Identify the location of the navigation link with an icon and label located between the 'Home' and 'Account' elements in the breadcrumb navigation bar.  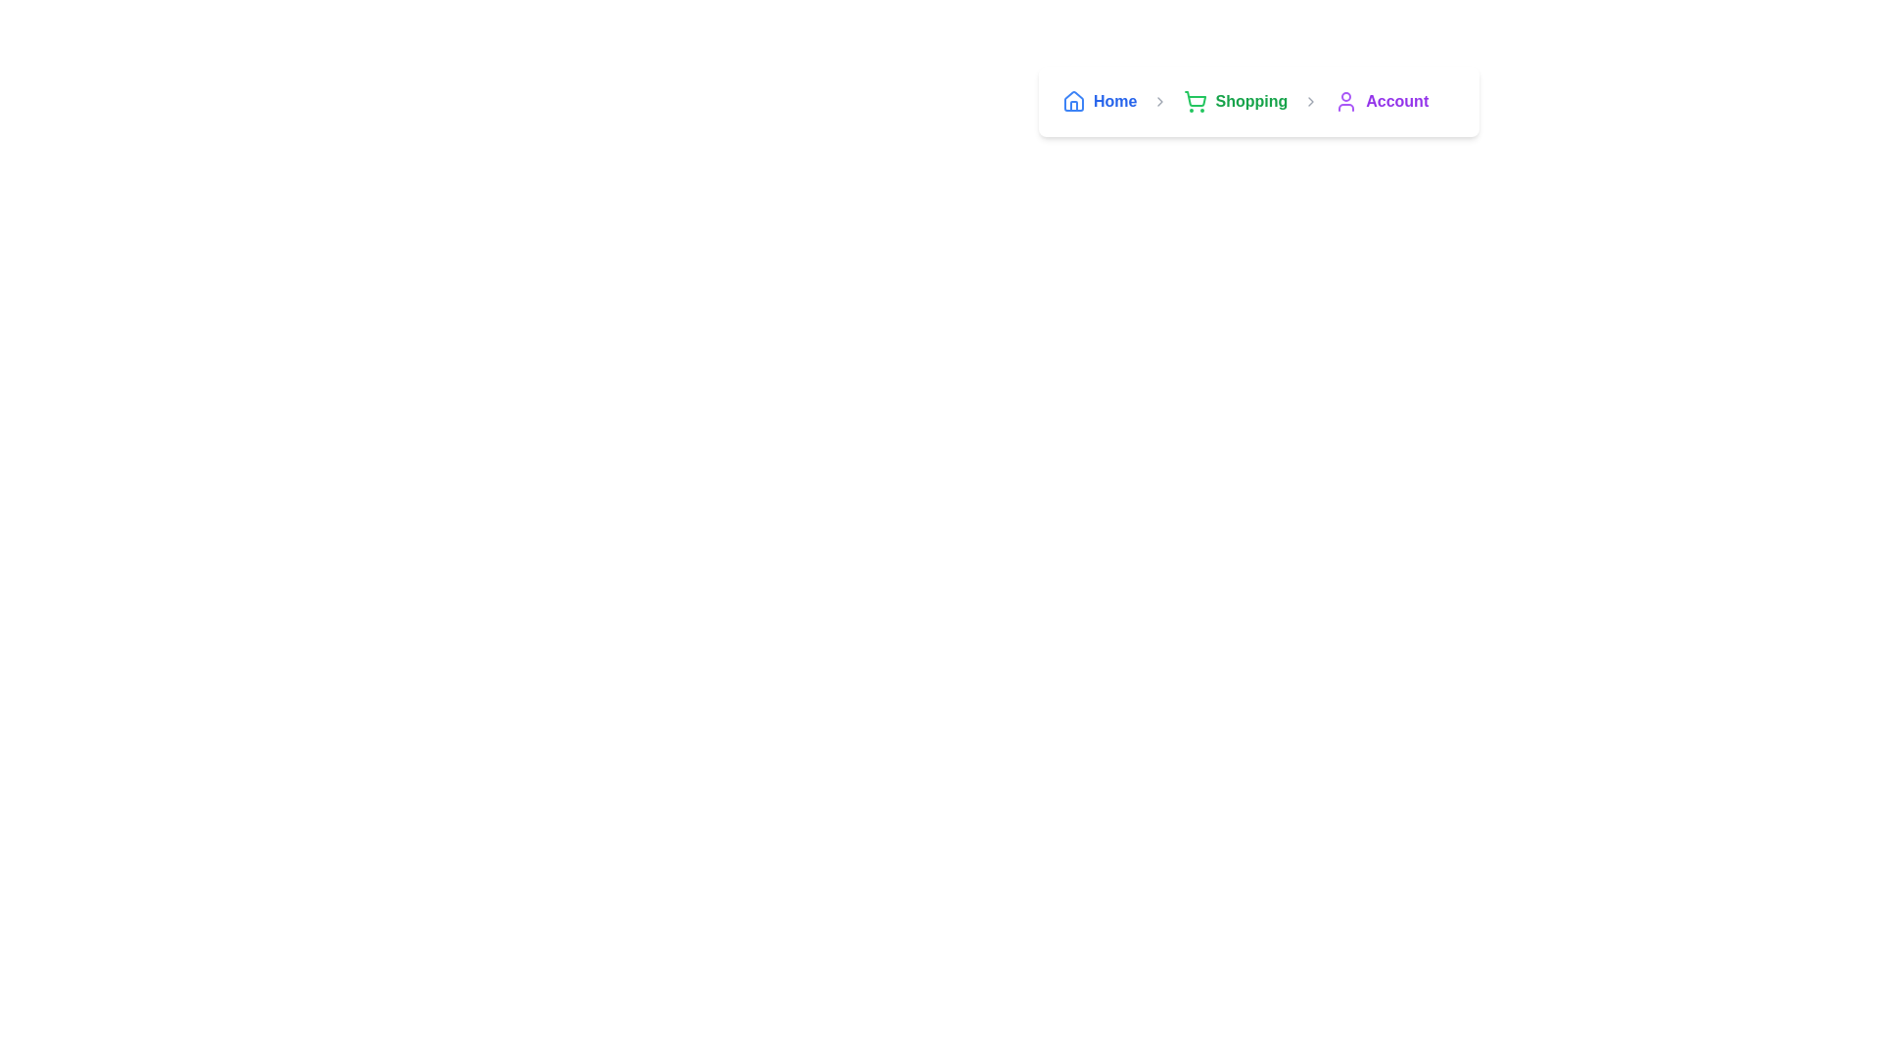
(1235, 102).